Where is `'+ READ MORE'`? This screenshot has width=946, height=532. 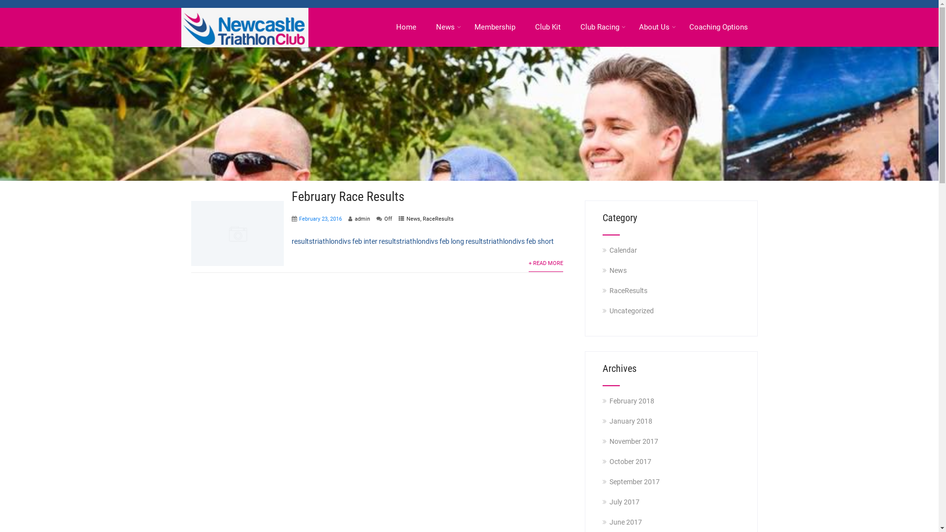 '+ READ MORE' is located at coordinates (545, 263).